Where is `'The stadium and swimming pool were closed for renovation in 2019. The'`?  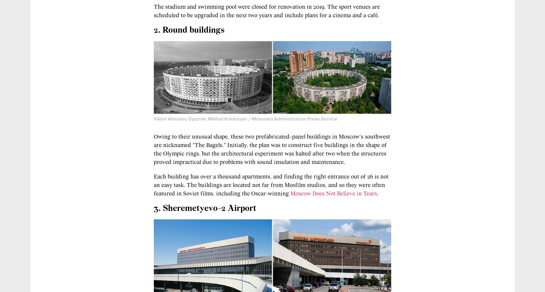 'The stadium and swimming pool were closed for renovation in 2019. The' is located at coordinates (153, 6).